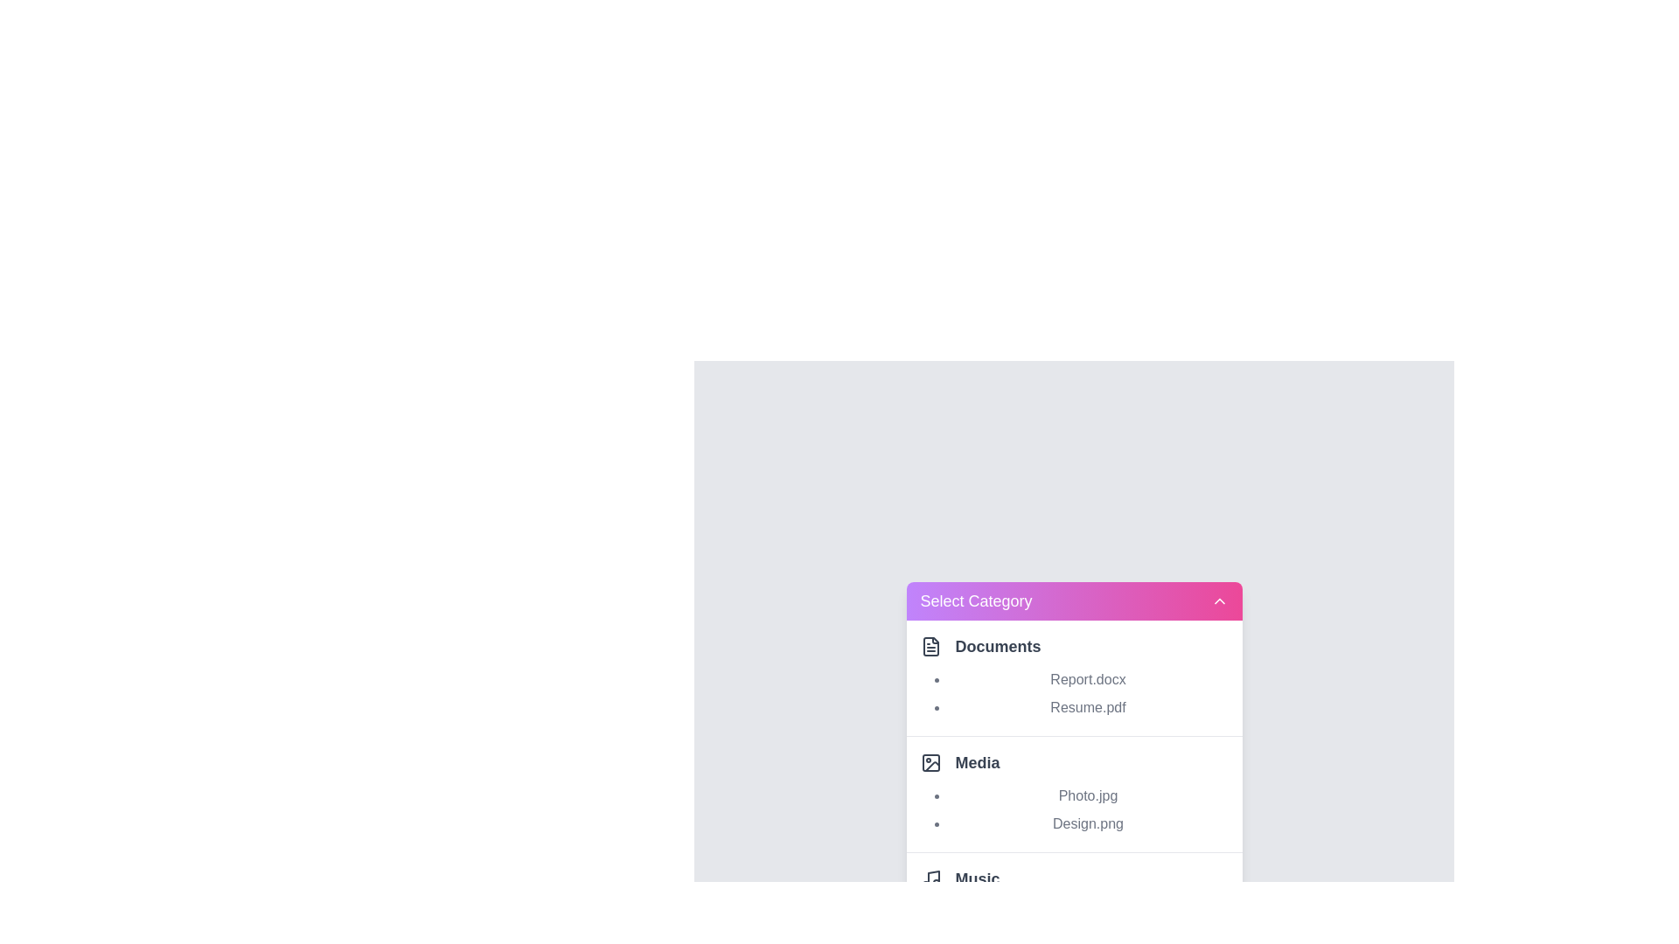 The image size is (1679, 944). I want to click on the first item, so click(1073, 677).